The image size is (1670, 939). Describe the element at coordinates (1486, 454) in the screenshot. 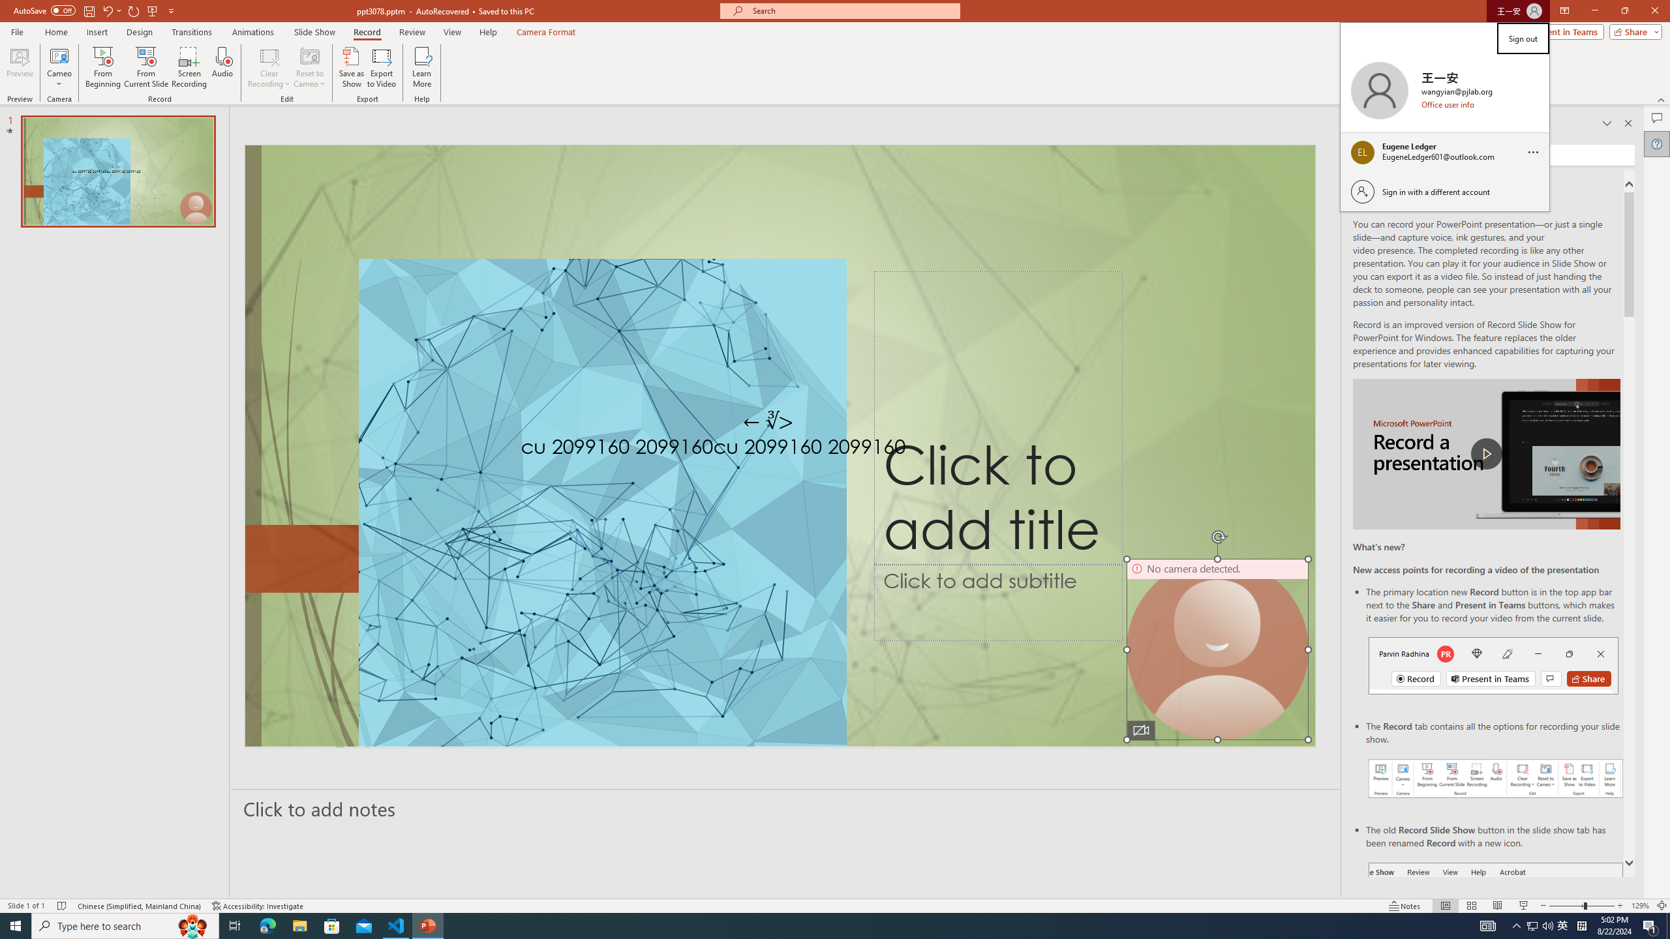

I see `'play Record a Presentation'` at that location.